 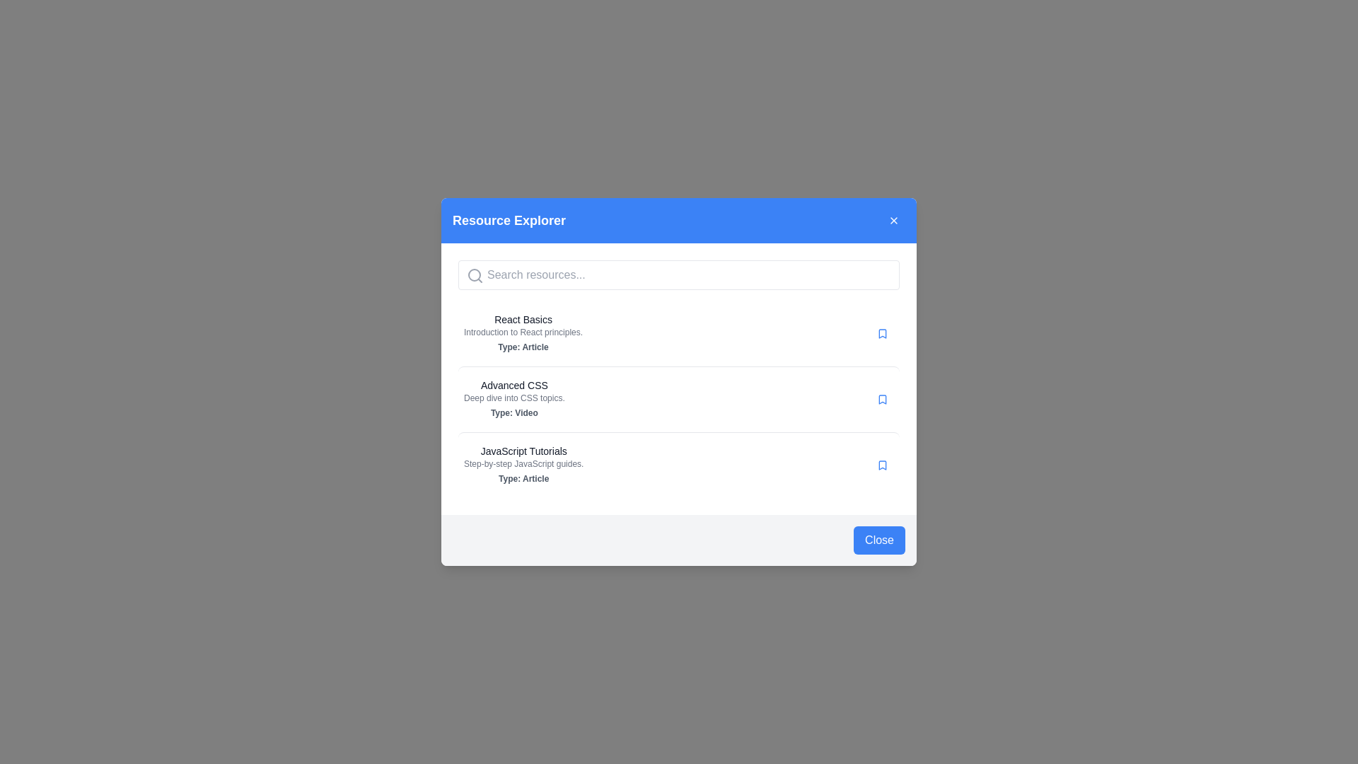 What do you see at coordinates (882, 333) in the screenshot?
I see `the bookmark button located in the top-right corner of the 'React Basics' card to bookmark or unbookmark the item` at bounding box center [882, 333].